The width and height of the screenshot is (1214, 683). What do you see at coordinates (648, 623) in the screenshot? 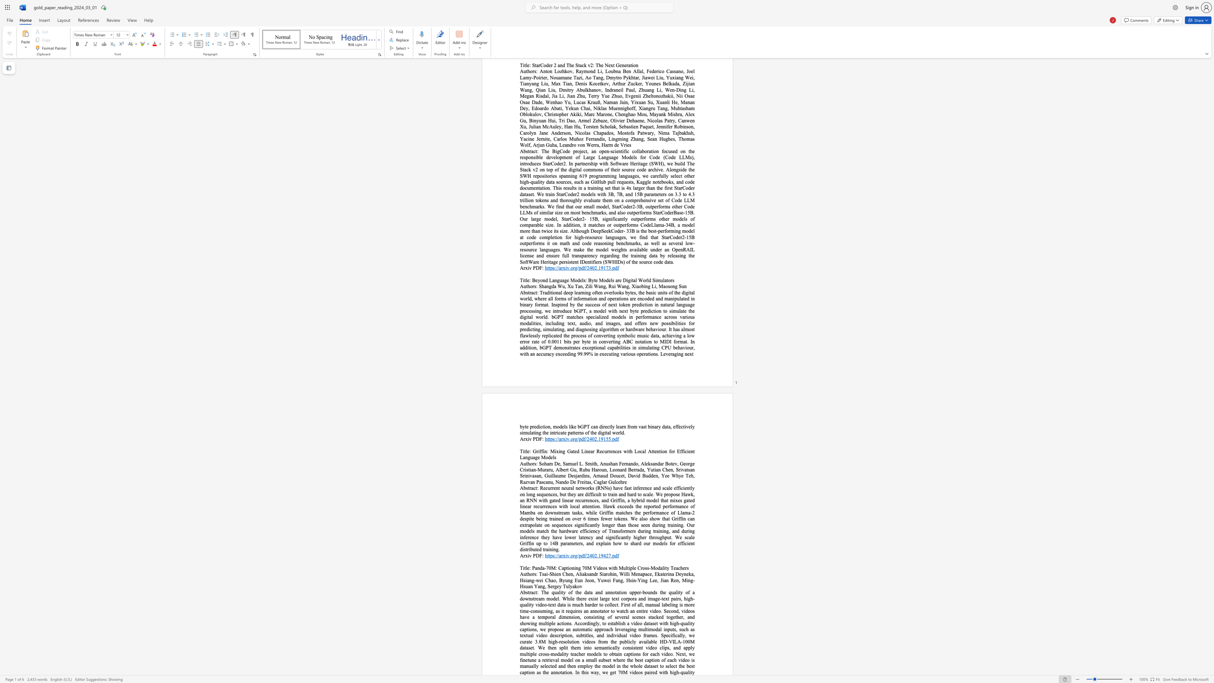
I see `the subset text "taset with high-quality captions, we propose an automatic approach leveraging multimodal inputs, such as textual video description, subtitles, and individual video frames. Specifically, we curate 3.8M high-resolut" within the text "The quality of the data and annotation upper-bounds the quality of a downstream model. While there exist large text corpora and image-text pairs, high-quality video-text data is much harder to collect. First of all, manual labeling is more time-consuming, as it requires an annotator to watch an entire video. Second, videos have a temporal dimension, consisting of several scenes stacked together, and showing multiple actions. Accordingly, to establish a video dataset with high-quality captions, we propose an automatic approach leveraging multimodal inputs, such as textual video description, subtitles, and individual video frames. Specifically, we curate 3.8M high-resolution videos from the publicly available HD-VILA-100M dataset. We then split them into semantically consistent video clips, and apply multiple cross-modality teacher models to obtain captions for each video. Next, we finetune a retrieval model on a small subset where the best caption of each video is manually selected and then employ the model in the whole dataset to select the best caption as the annotation. In"` at bounding box center [648, 623].